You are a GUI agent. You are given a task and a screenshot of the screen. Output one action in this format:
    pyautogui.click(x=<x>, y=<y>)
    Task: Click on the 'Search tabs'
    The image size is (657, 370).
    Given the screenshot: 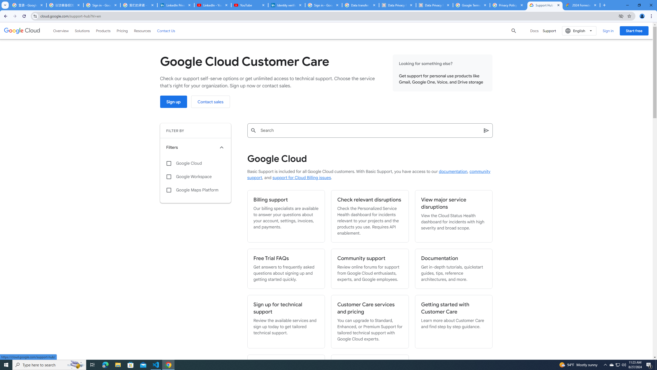 What is the action you would take?
    pyautogui.click(x=5, y=5)
    